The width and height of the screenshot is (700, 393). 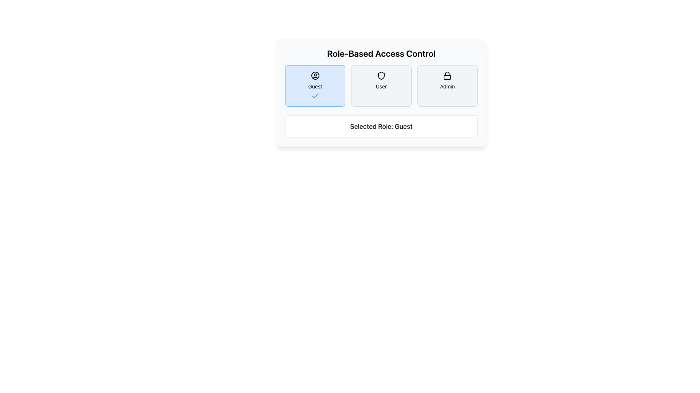 I want to click on the simplistic shield icon outlined in black, located at the top center of the card labeled 'User', so click(x=381, y=76).